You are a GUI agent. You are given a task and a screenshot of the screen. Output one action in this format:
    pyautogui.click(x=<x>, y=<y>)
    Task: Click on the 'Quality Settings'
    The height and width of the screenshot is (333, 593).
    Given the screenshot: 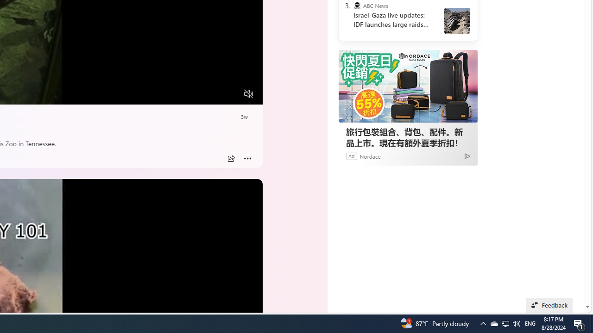 What is the action you would take?
    pyautogui.click(x=193, y=94)
    